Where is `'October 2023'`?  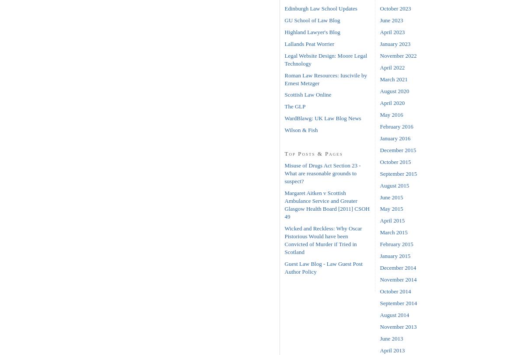
'October 2023' is located at coordinates (395, 8).